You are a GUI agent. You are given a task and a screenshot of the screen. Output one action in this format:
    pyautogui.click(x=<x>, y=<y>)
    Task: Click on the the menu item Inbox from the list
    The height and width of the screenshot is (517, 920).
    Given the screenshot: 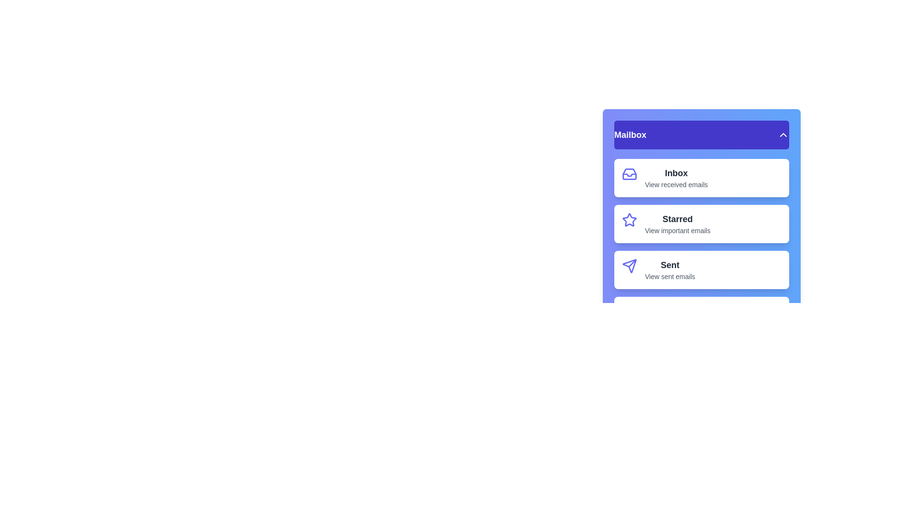 What is the action you would take?
    pyautogui.click(x=701, y=178)
    